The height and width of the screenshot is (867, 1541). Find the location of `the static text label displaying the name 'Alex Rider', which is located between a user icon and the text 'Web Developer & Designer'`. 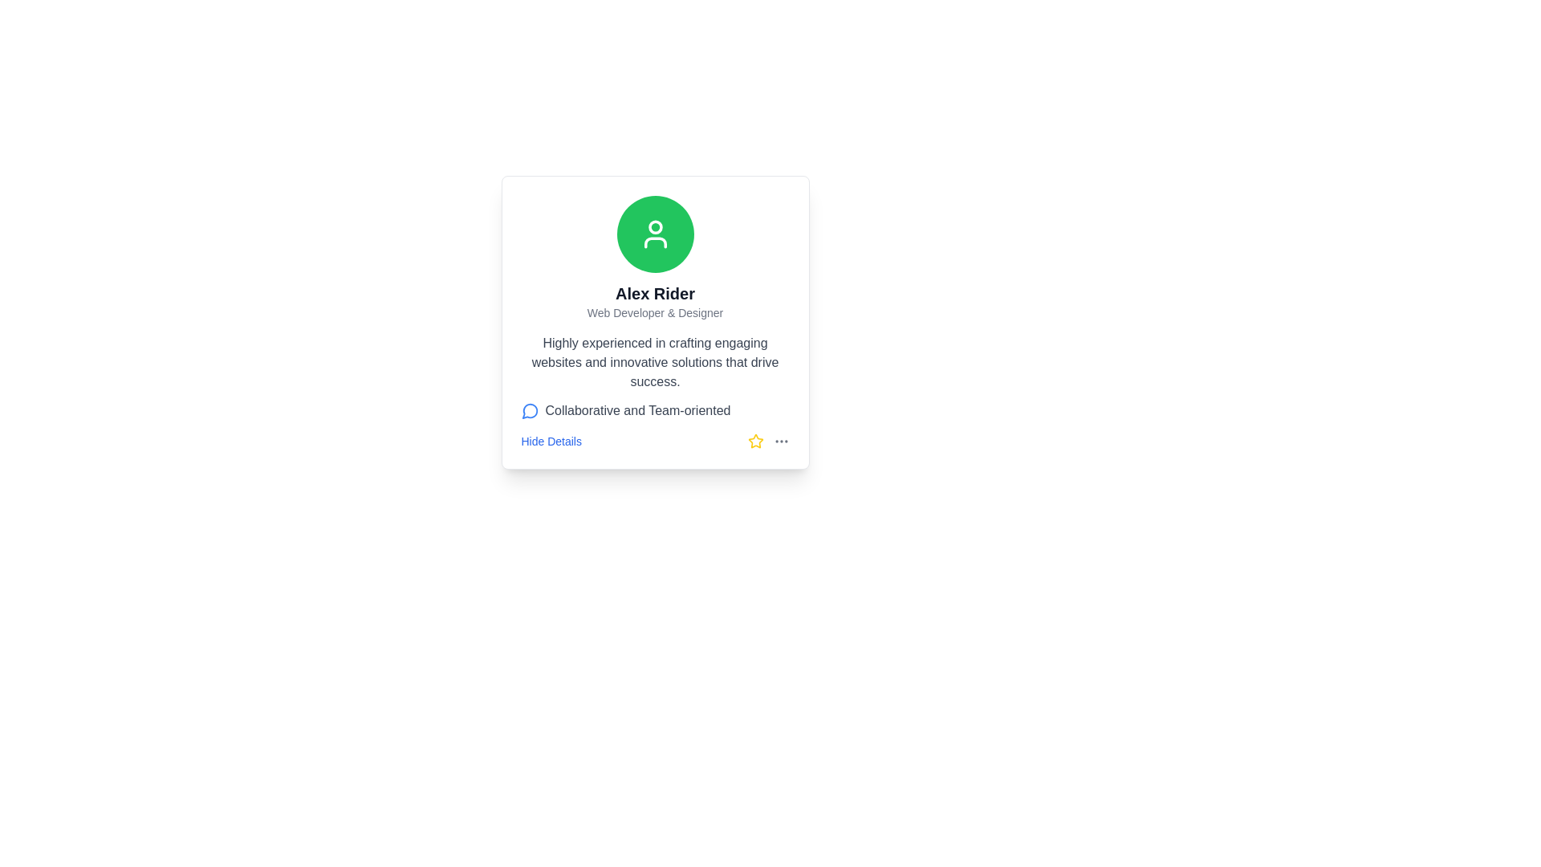

the static text label displaying the name 'Alex Rider', which is located between a user icon and the text 'Web Developer & Designer' is located at coordinates (655, 294).